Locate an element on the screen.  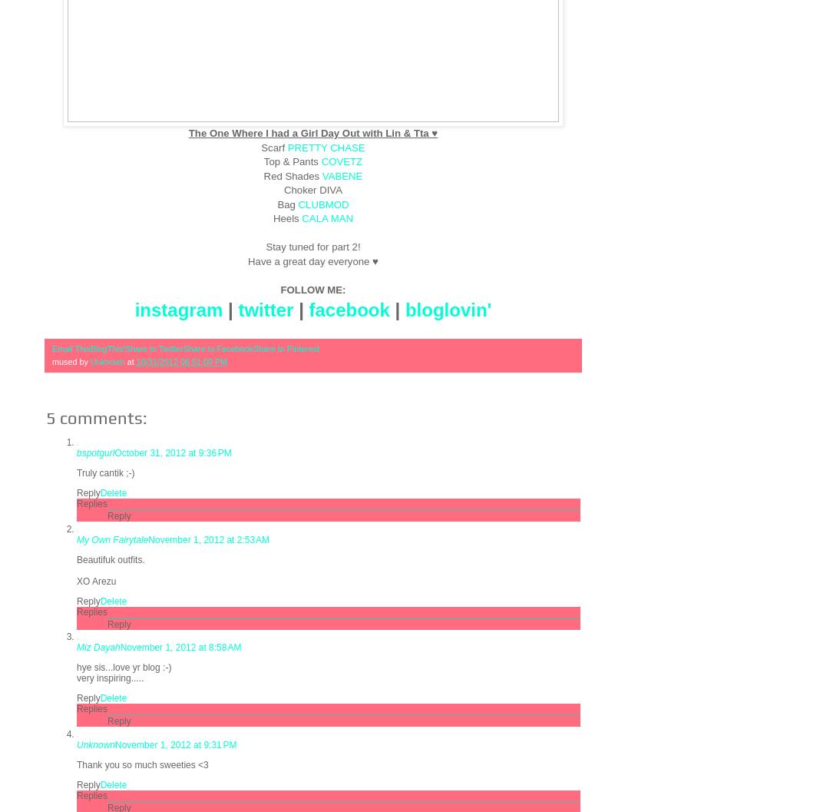
'Beautifuk outfits.' is located at coordinates (110, 558).